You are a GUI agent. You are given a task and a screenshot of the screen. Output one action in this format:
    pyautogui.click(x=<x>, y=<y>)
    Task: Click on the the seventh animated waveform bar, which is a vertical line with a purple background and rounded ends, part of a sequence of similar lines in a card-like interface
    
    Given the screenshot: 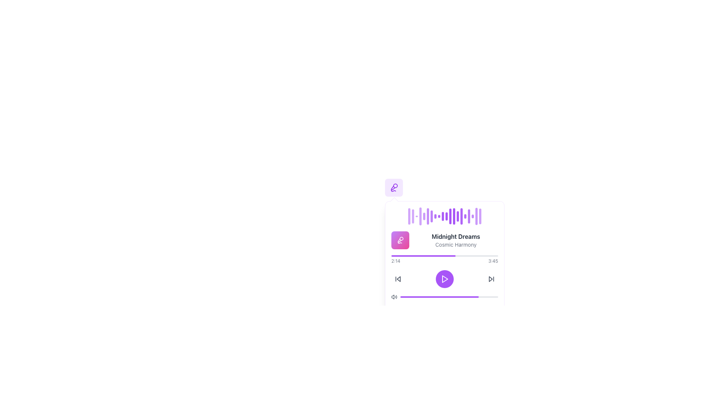 What is the action you would take?
    pyautogui.click(x=432, y=216)
    